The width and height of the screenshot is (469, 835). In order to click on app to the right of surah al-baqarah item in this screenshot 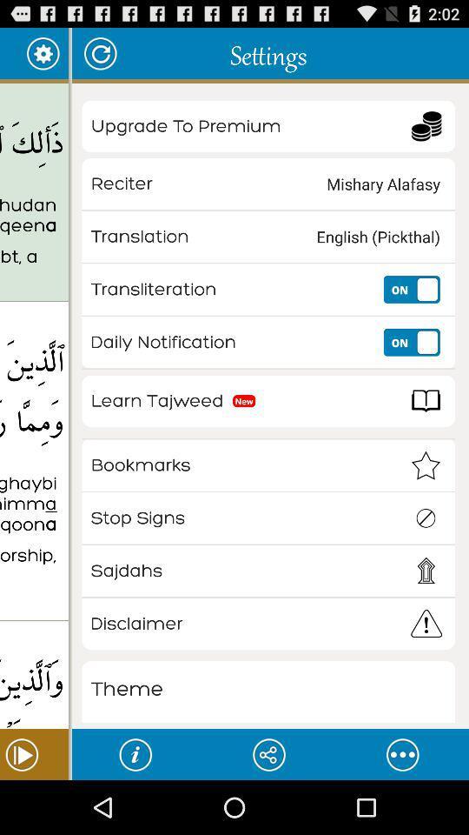, I will do `click(43, 53)`.